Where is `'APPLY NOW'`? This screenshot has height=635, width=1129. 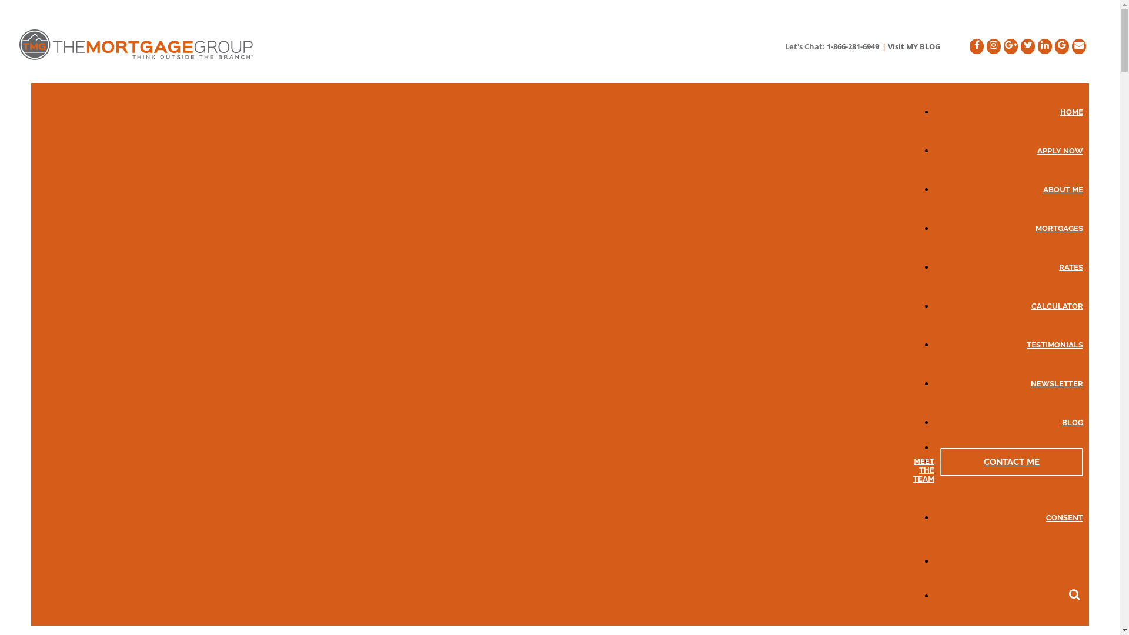 'APPLY NOW' is located at coordinates (1008, 148).